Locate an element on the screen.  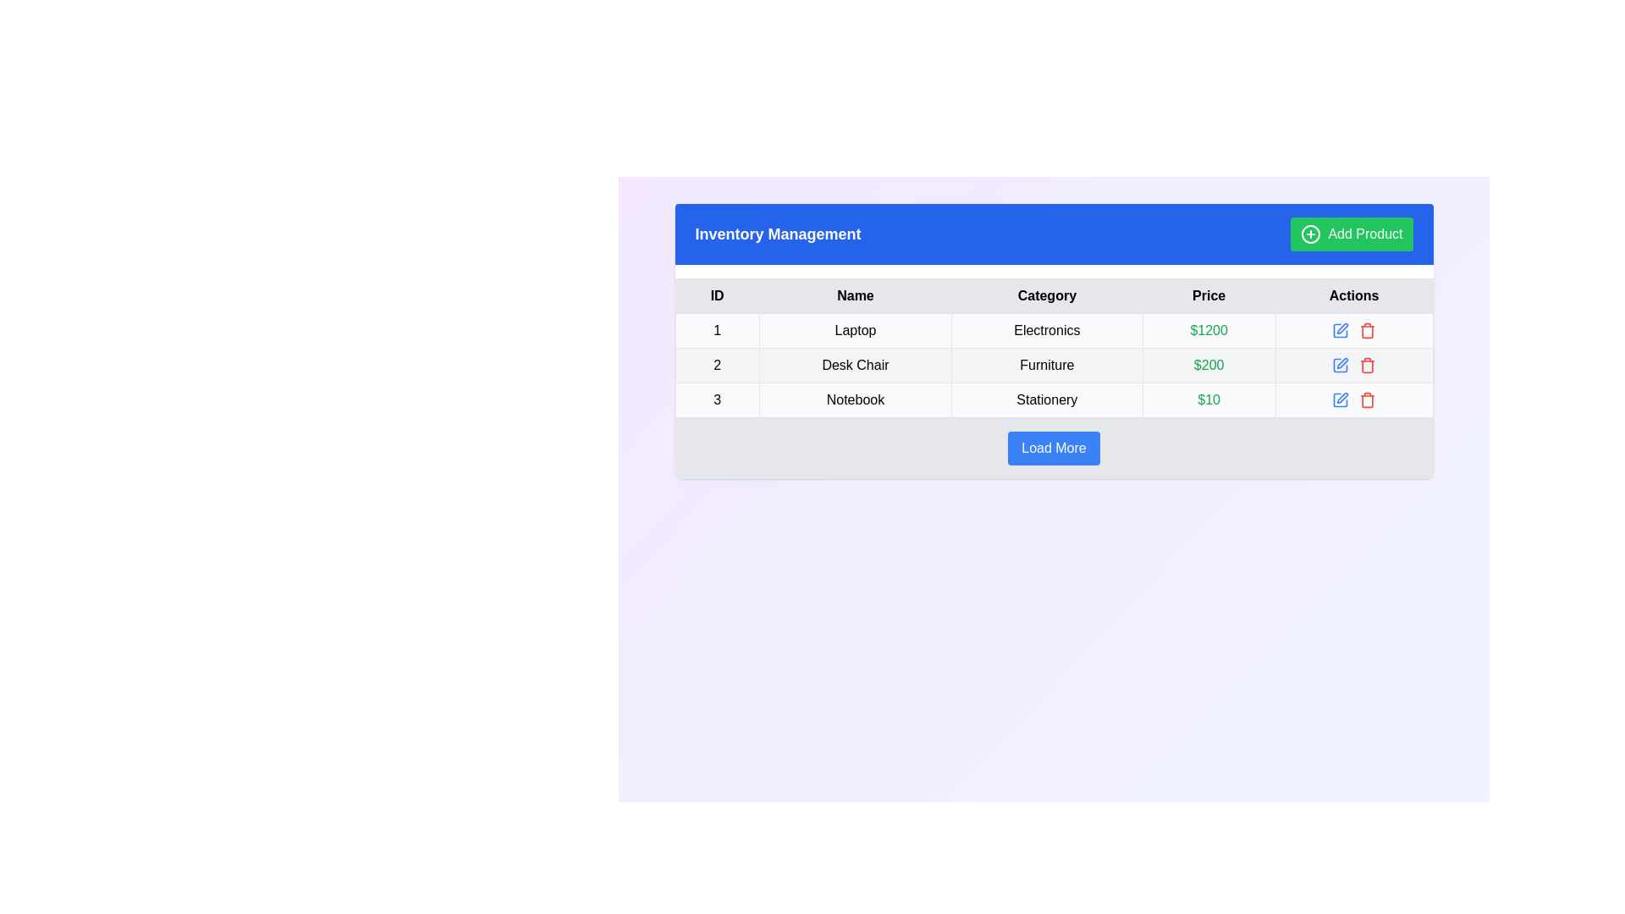
the 'Load More' button, which is styled with a blue background and white text, located at the bottom of a gray rectangular section below a table is located at coordinates (1053, 447).